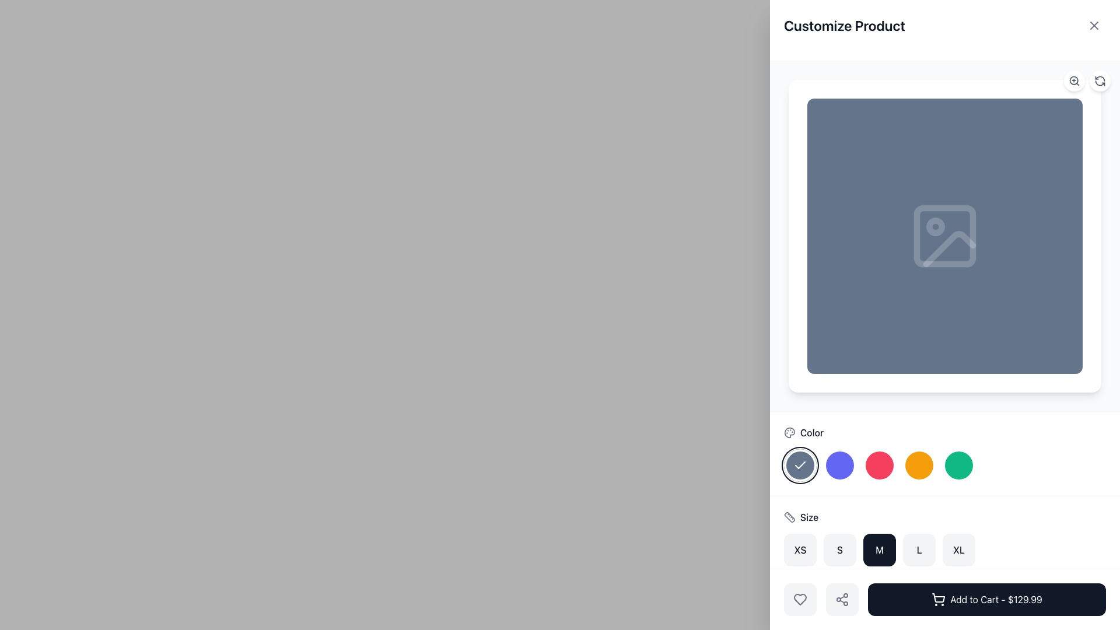 The width and height of the screenshot is (1120, 630). I want to click on the sixth circular color selector button for emerald green located below the product image to choose the color, so click(958, 465).